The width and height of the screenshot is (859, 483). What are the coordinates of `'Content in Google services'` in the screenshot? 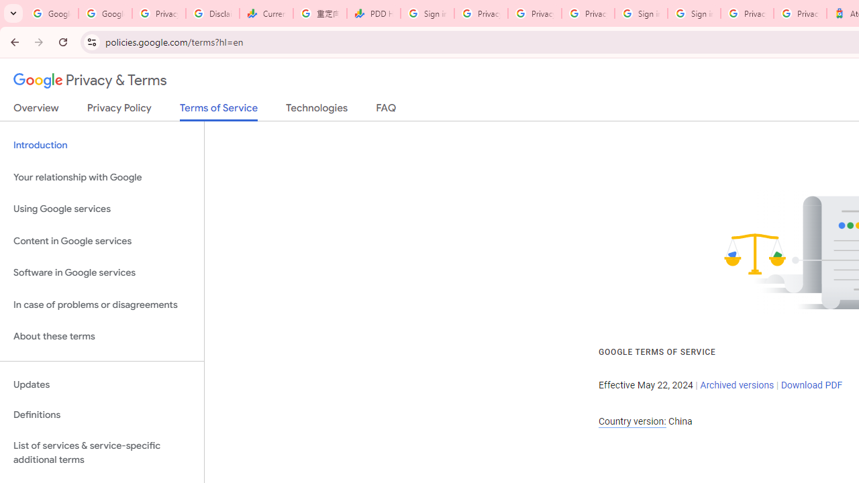 It's located at (101, 240).